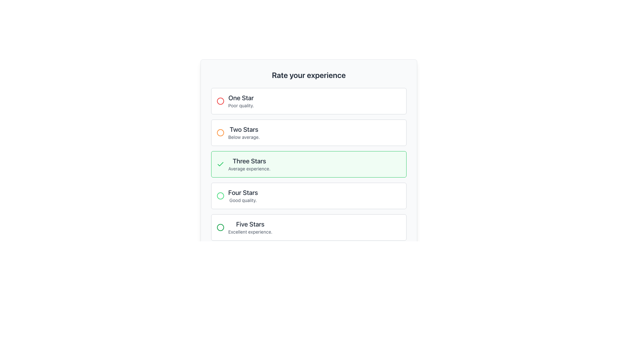  What do you see at coordinates (309, 227) in the screenshot?
I see `the 'Five Stars' radio button option to trigger a visual cue` at bounding box center [309, 227].